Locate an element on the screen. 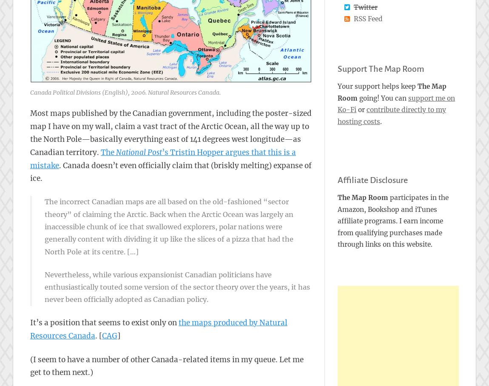 The width and height of the screenshot is (489, 386). ']' is located at coordinates (118, 335).